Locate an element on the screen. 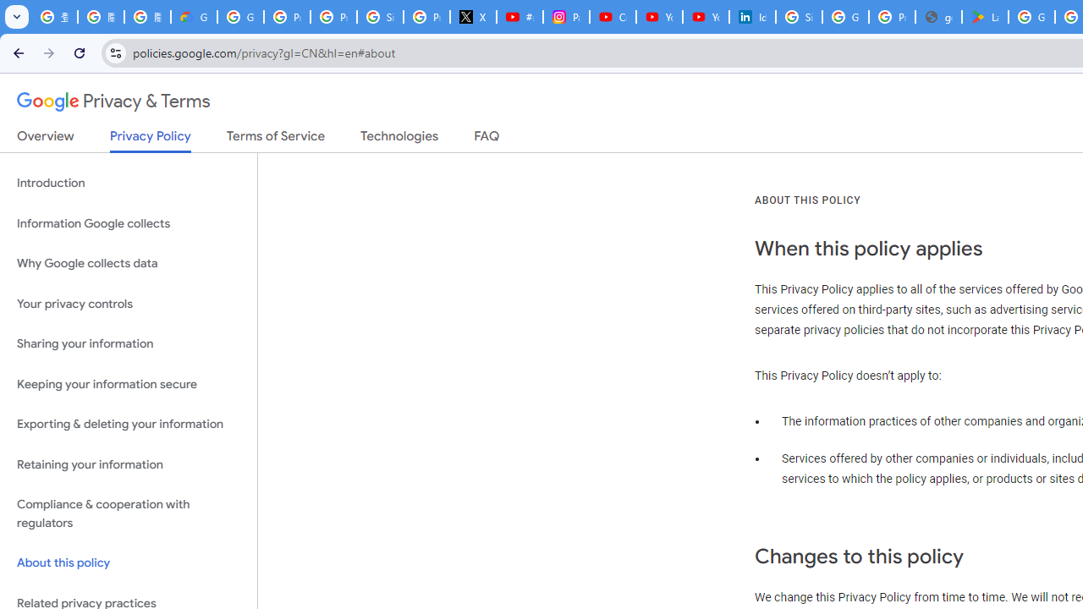 This screenshot has width=1083, height=609. 'Terms of Service' is located at coordinates (276, 139).